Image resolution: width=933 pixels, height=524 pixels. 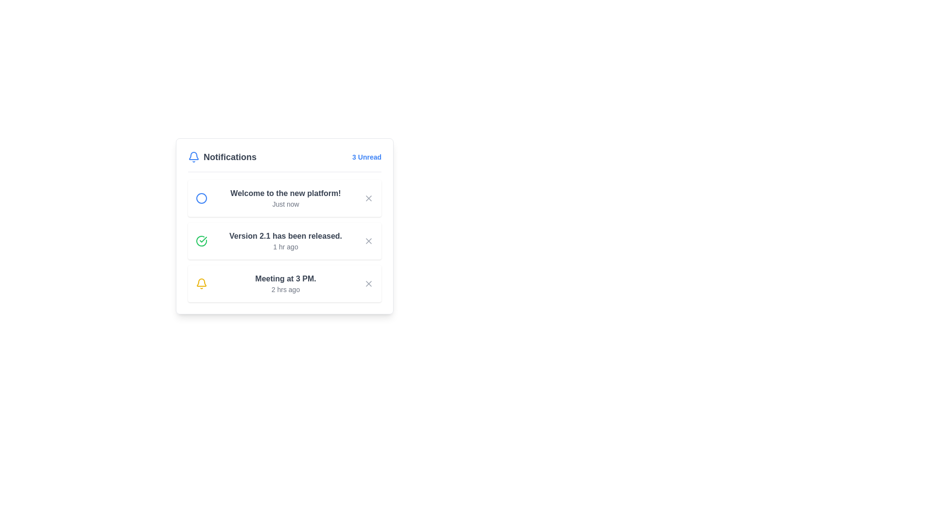 What do you see at coordinates (368, 284) in the screenshot?
I see `the gray 'X' button` at bounding box center [368, 284].